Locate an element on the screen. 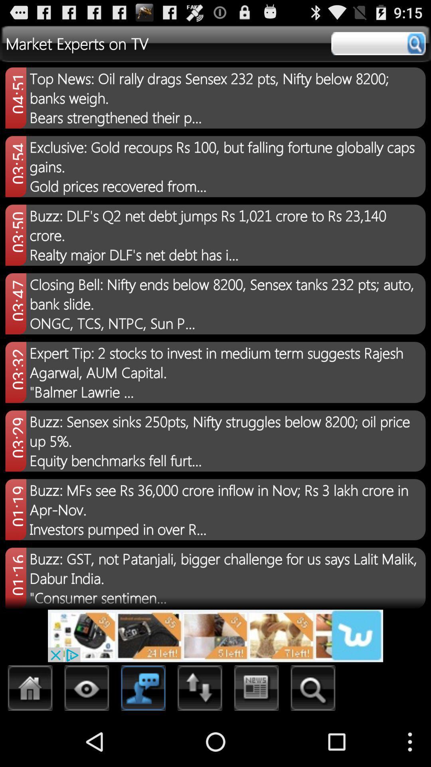  the search icon is located at coordinates (312, 738).